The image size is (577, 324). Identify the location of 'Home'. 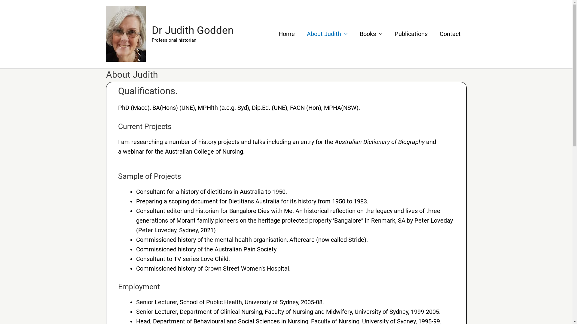
(272, 34).